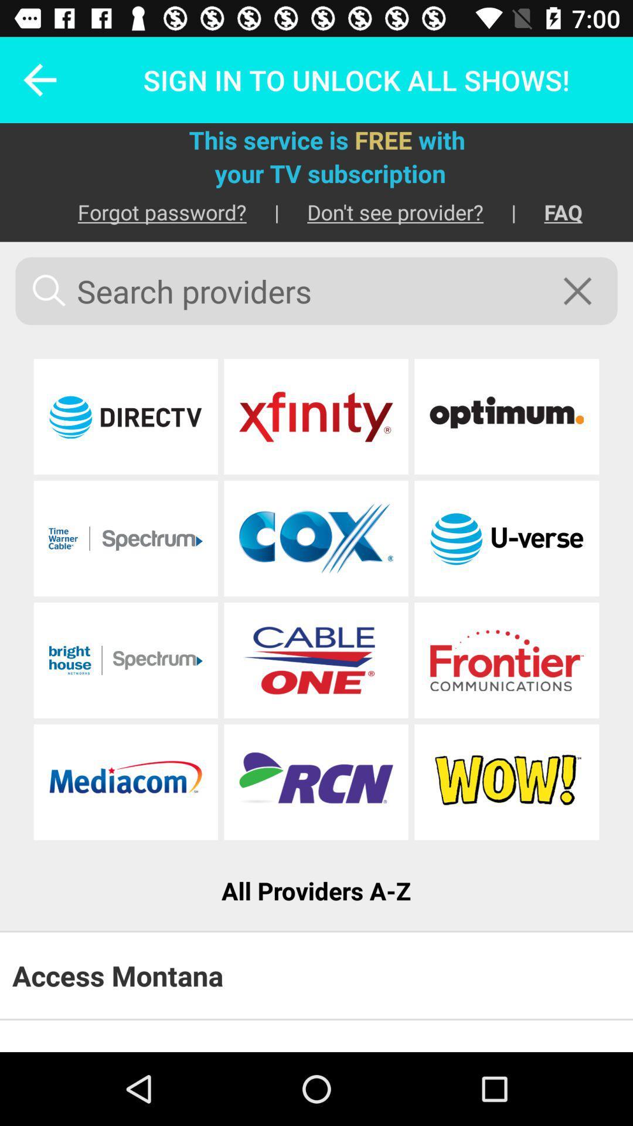 The width and height of the screenshot is (633, 1126). What do you see at coordinates (549, 212) in the screenshot?
I see `the item below the your tv subscription icon` at bounding box center [549, 212].